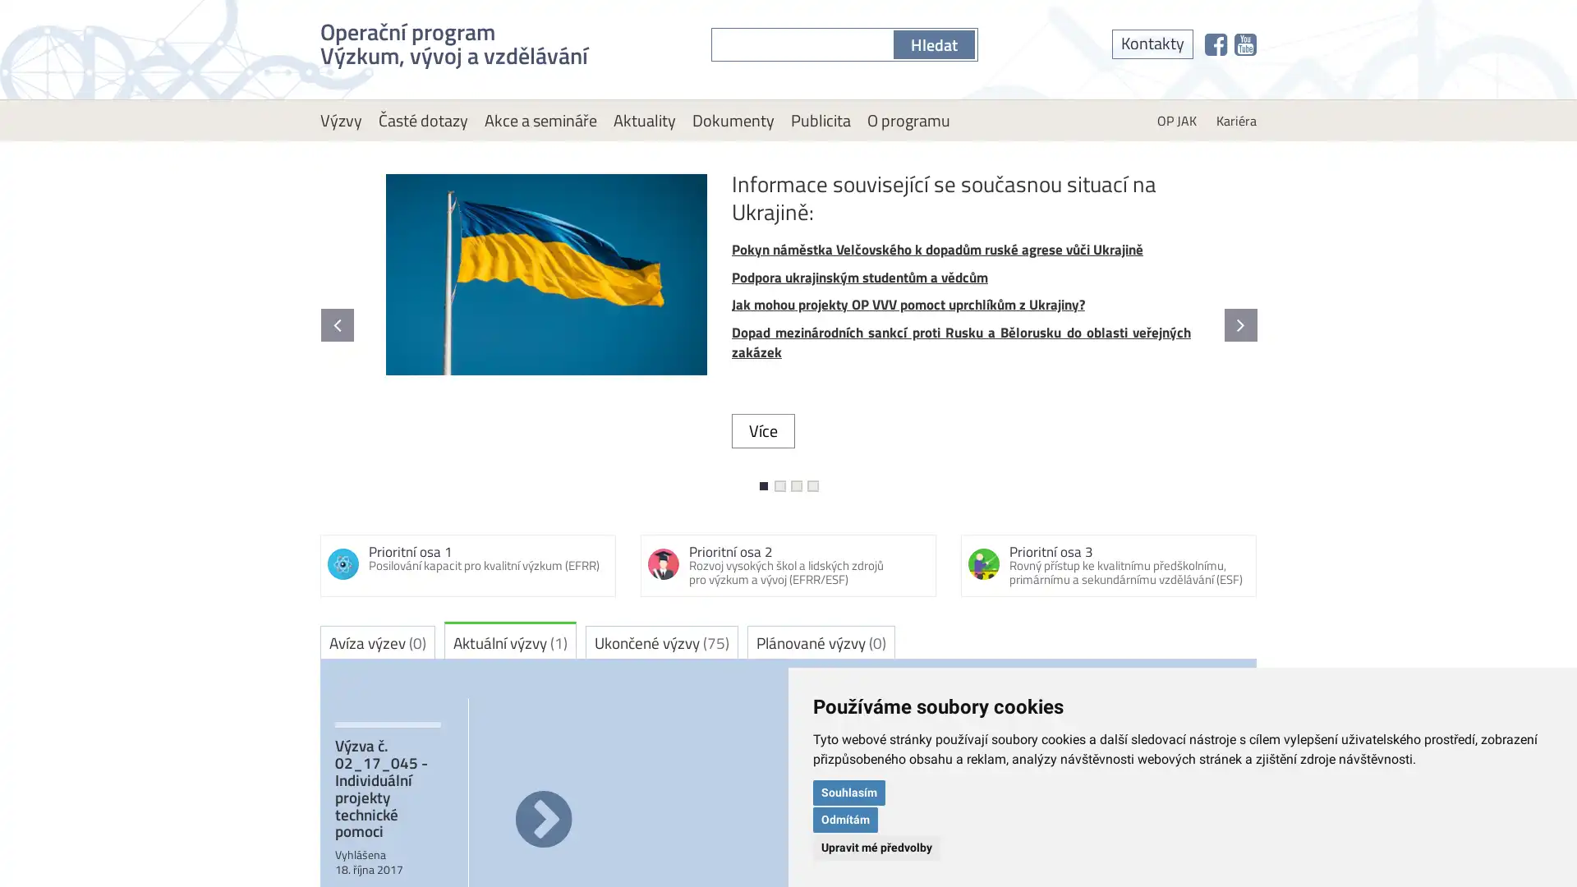 The height and width of the screenshot is (887, 1577). I want to click on Odmitam, so click(845, 820).